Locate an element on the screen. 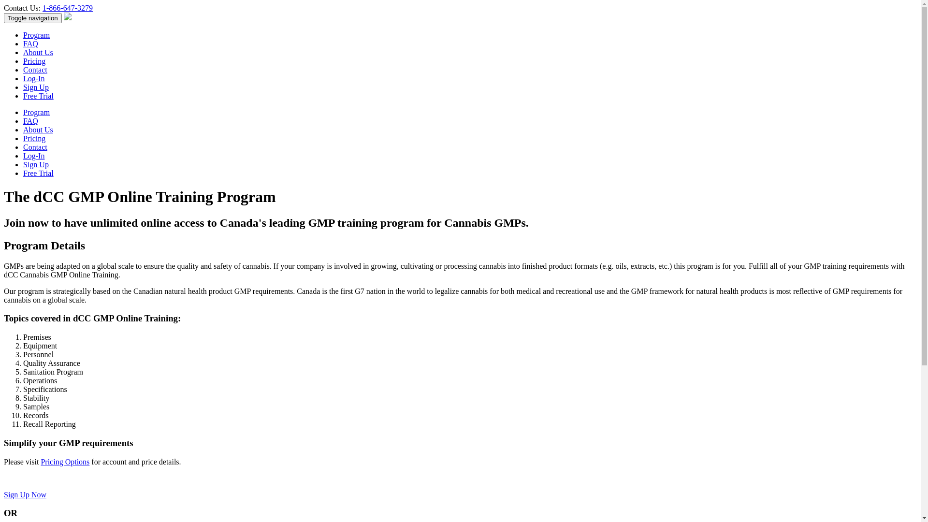  'Sign Up' is located at coordinates (36, 87).